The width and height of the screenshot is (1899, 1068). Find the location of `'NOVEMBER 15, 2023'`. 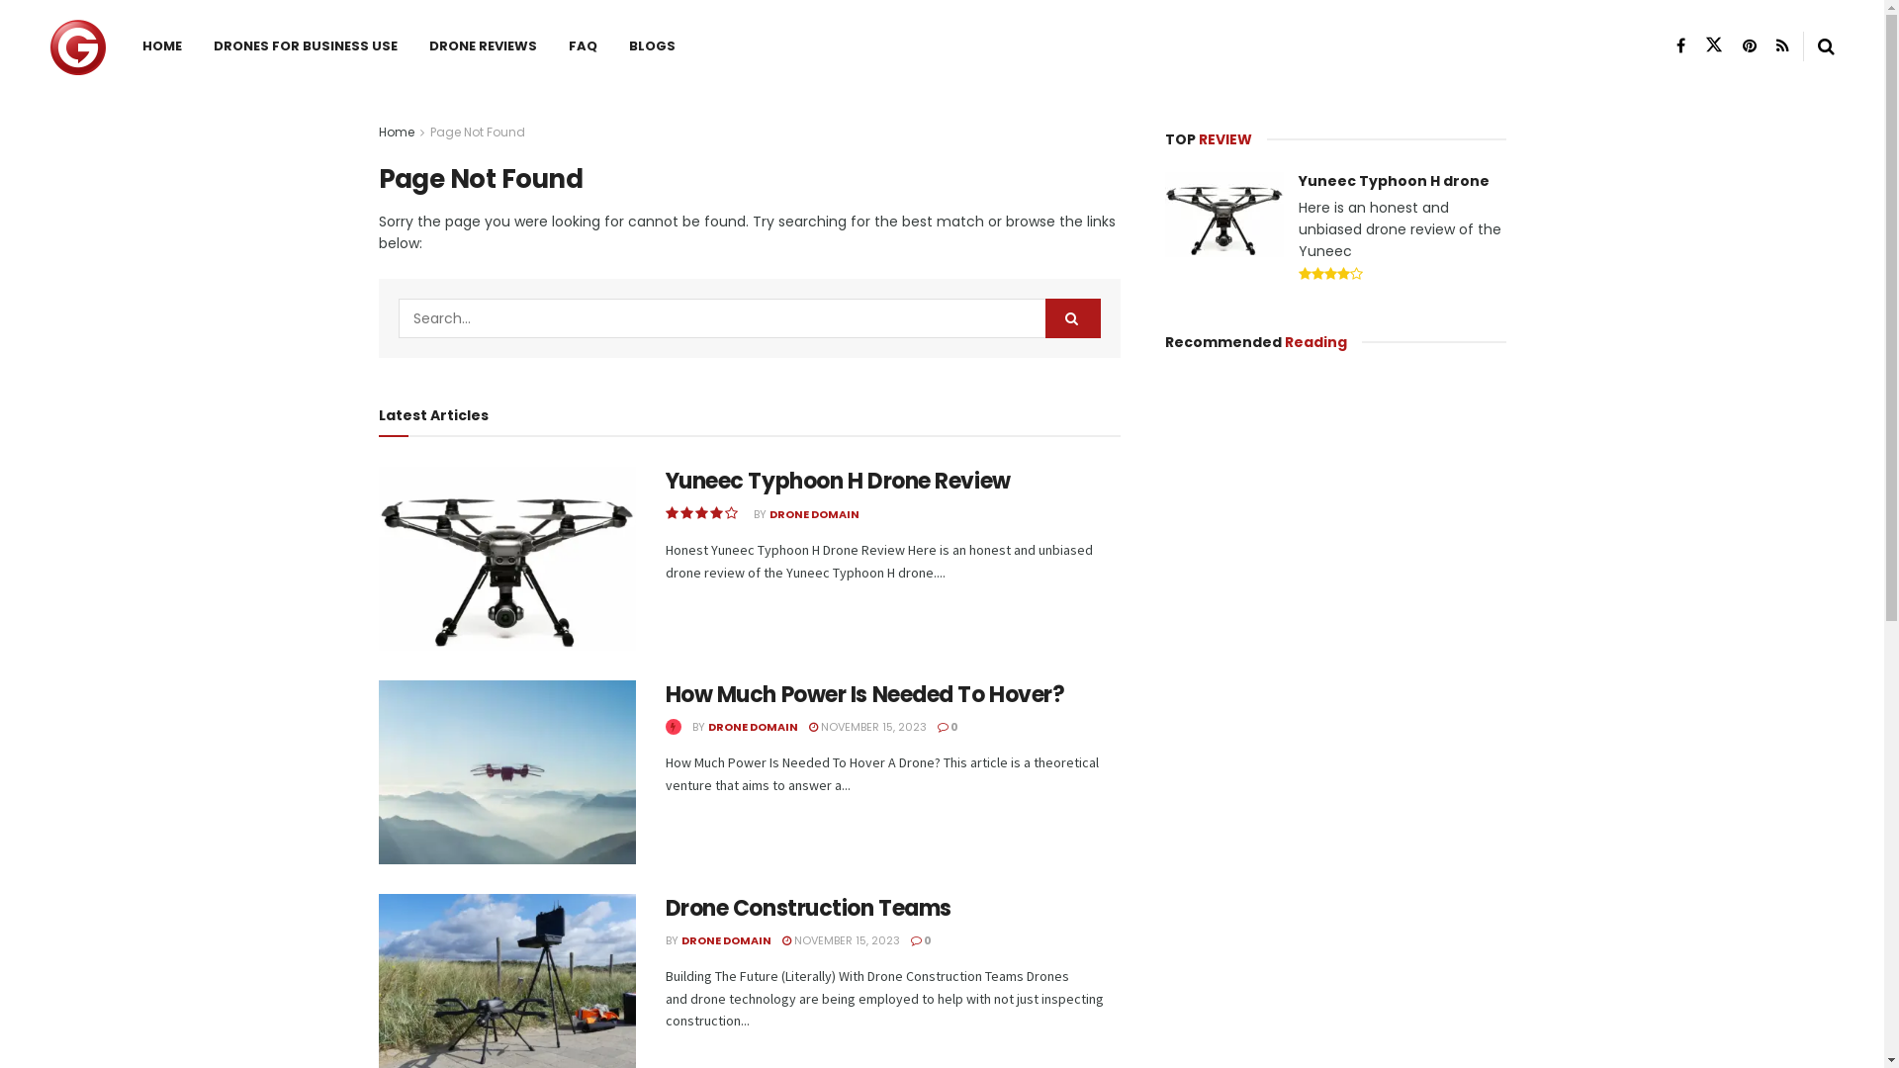

'NOVEMBER 15, 2023' is located at coordinates (840, 939).